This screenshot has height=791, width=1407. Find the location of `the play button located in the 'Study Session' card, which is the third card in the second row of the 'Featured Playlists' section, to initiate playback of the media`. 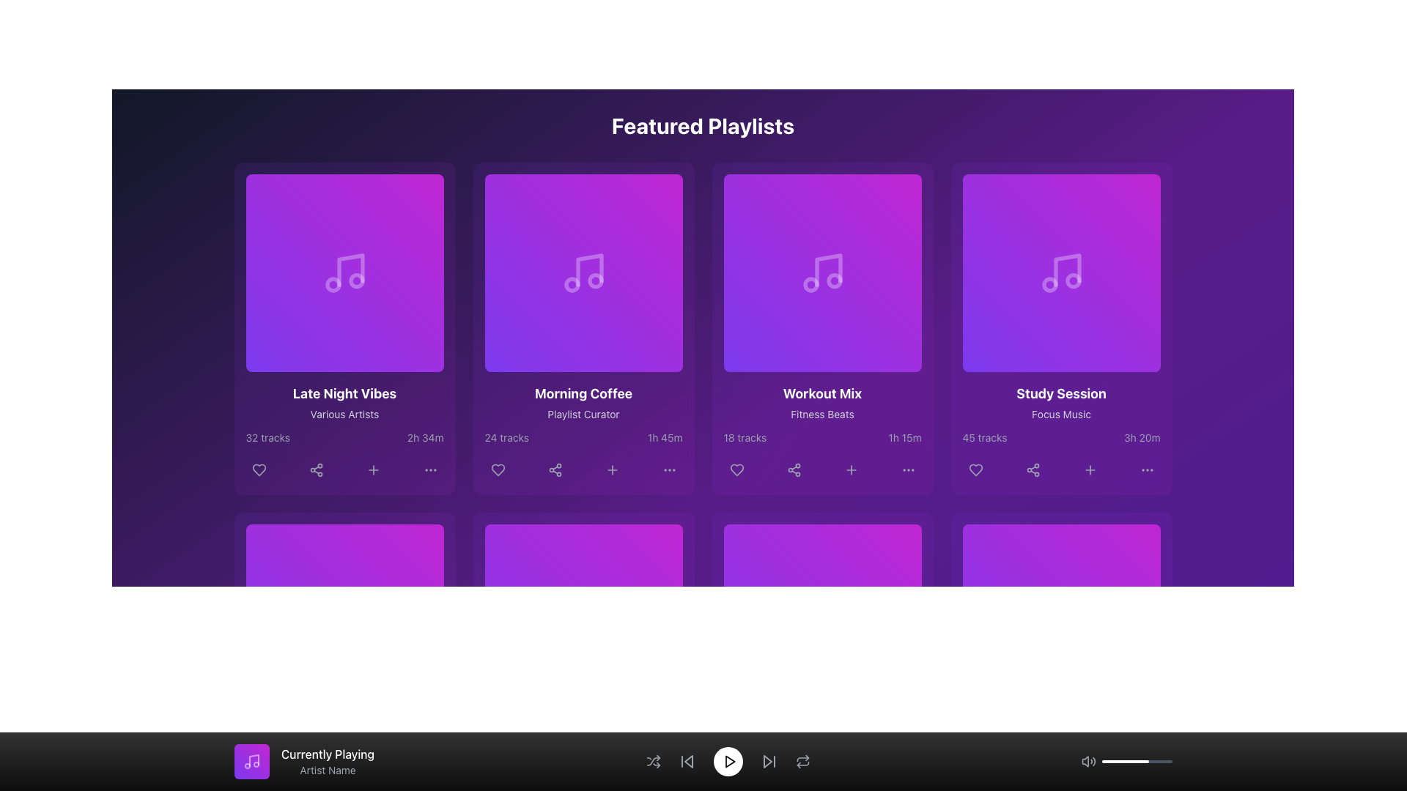

the play button located in the 'Study Session' card, which is the third card in the second row of the 'Featured Playlists' section, to initiate playback of the media is located at coordinates (1061, 273).